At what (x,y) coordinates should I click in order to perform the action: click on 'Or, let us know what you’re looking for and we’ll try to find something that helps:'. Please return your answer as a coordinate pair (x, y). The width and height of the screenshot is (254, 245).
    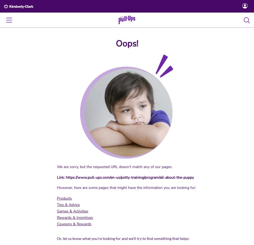
    Looking at the image, I should click on (122, 238).